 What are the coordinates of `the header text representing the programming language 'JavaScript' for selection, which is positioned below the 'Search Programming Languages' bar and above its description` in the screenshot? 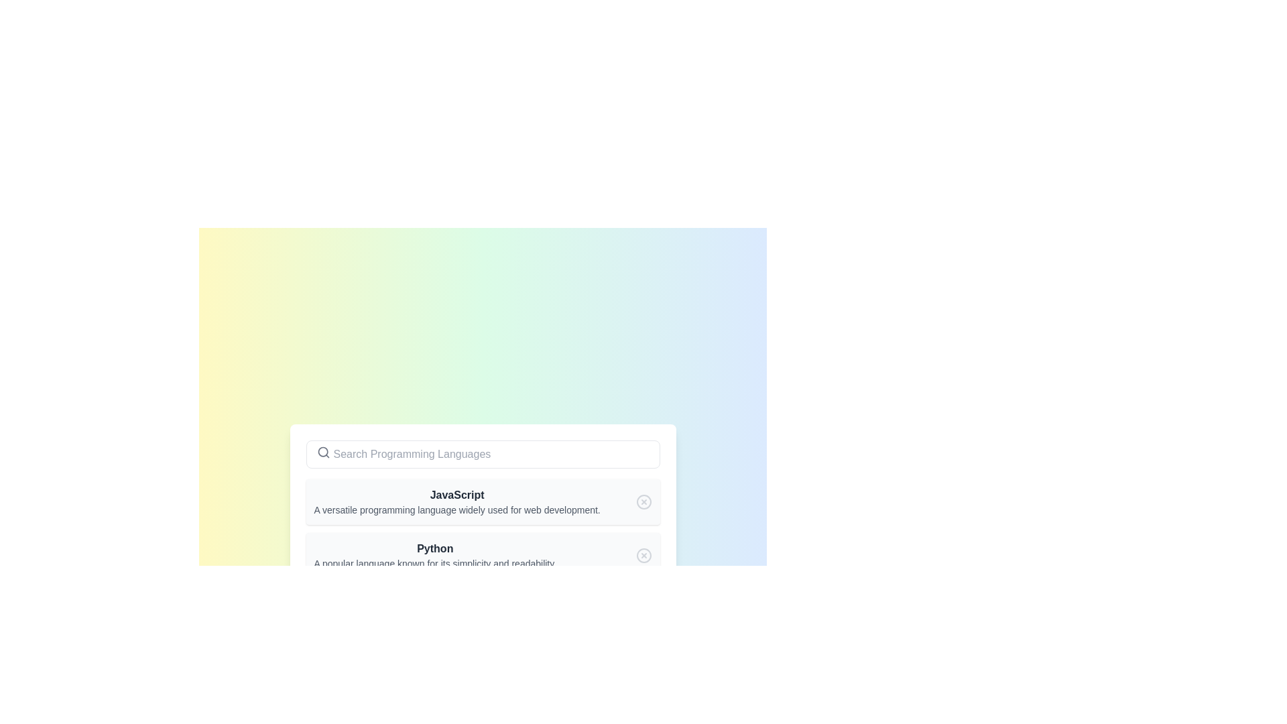 It's located at (457, 495).